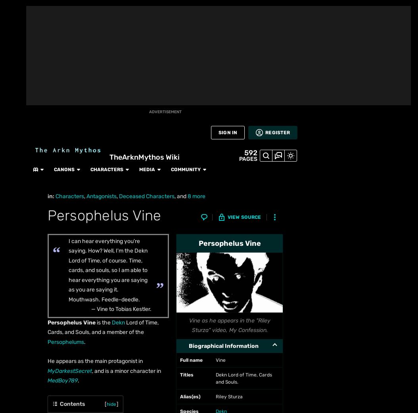 This screenshot has height=413, width=418. Describe the element at coordinates (87, 155) in the screenshot. I see `'Glitchlings'` at that location.